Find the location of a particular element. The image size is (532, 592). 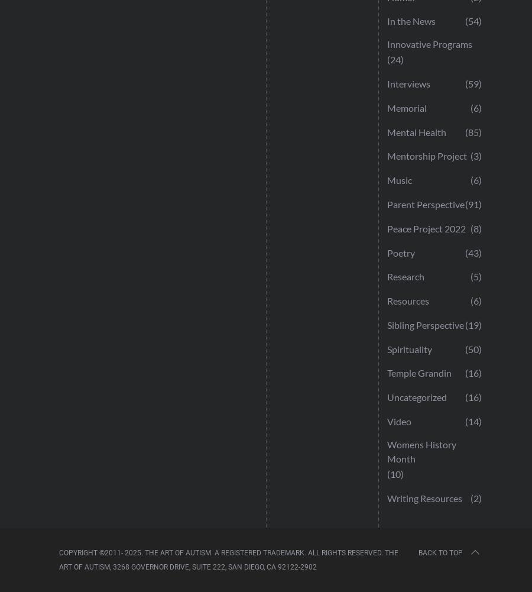

'(10)' is located at coordinates (395, 473).